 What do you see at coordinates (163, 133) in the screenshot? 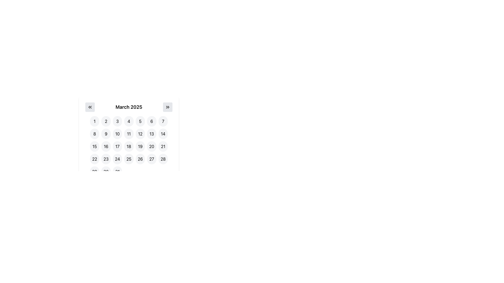
I see `the circular button displaying '14' in bold black font to change its background color to light blue` at bounding box center [163, 133].